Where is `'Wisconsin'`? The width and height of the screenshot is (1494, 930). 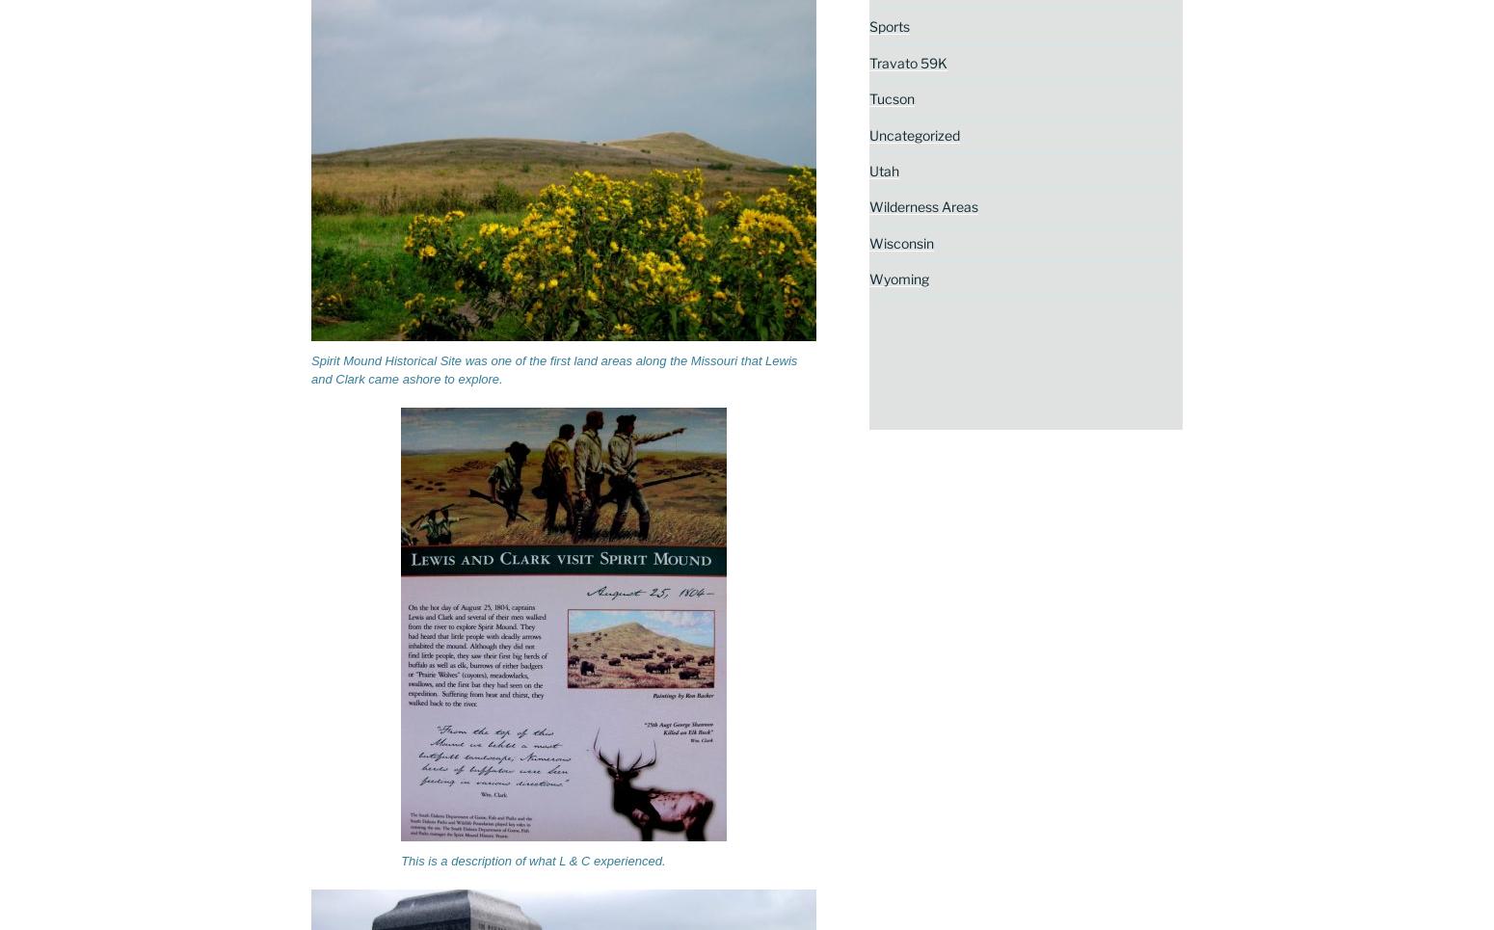 'Wisconsin' is located at coordinates (899, 241).